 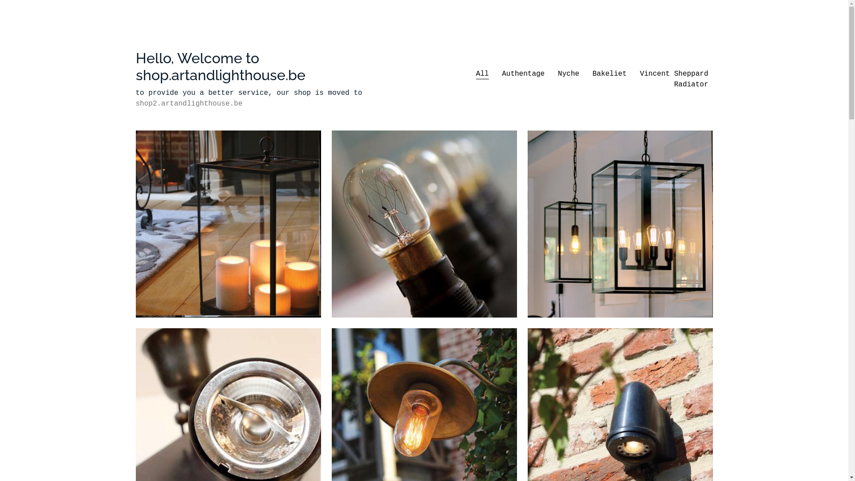 What do you see at coordinates (523, 73) in the screenshot?
I see `'Authentage'` at bounding box center [523, 73].